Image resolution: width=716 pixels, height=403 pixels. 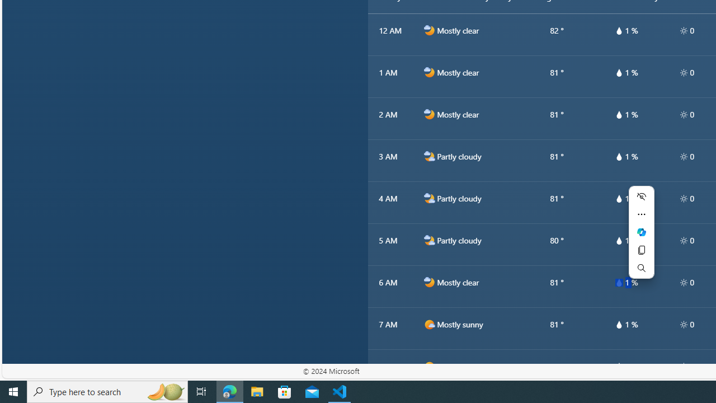 What do you see at coordinates (641, 232) in the screenshot?
I see `'Ask Copilot'` at bounding box center [641, 232].